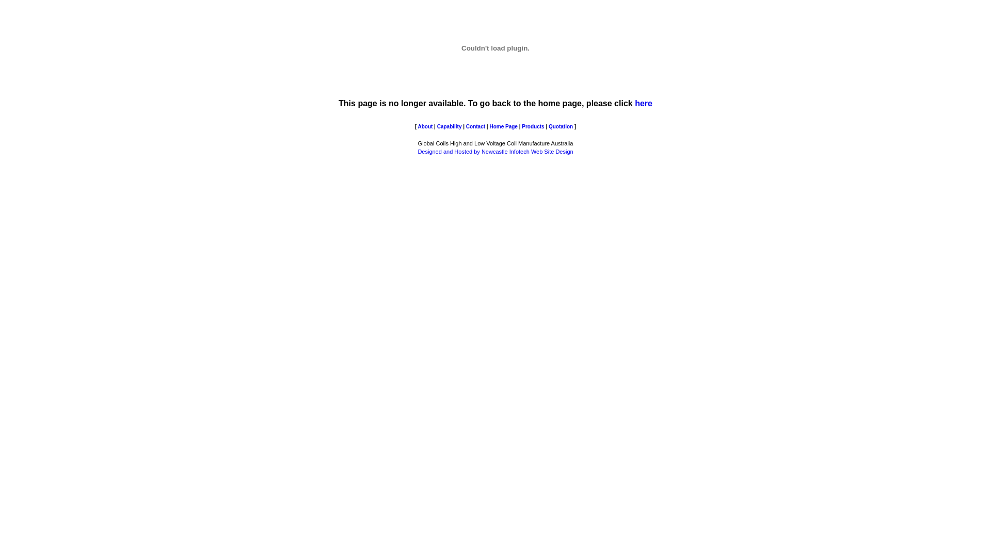 Image resolution: width=991 pixels, height=557 pixels. I want to click on 'Capability', so click(449, 126).